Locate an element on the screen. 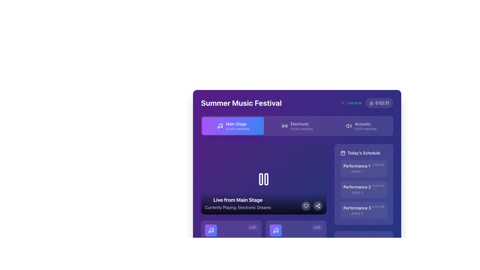 This screenshot has width=480, height=270. the text label that provides information about the current activity or context, which is situated near the lower central part of the interface, above the 'Currently Playing: Electronic Dreams.' text element is located at coordinates (238, 200).